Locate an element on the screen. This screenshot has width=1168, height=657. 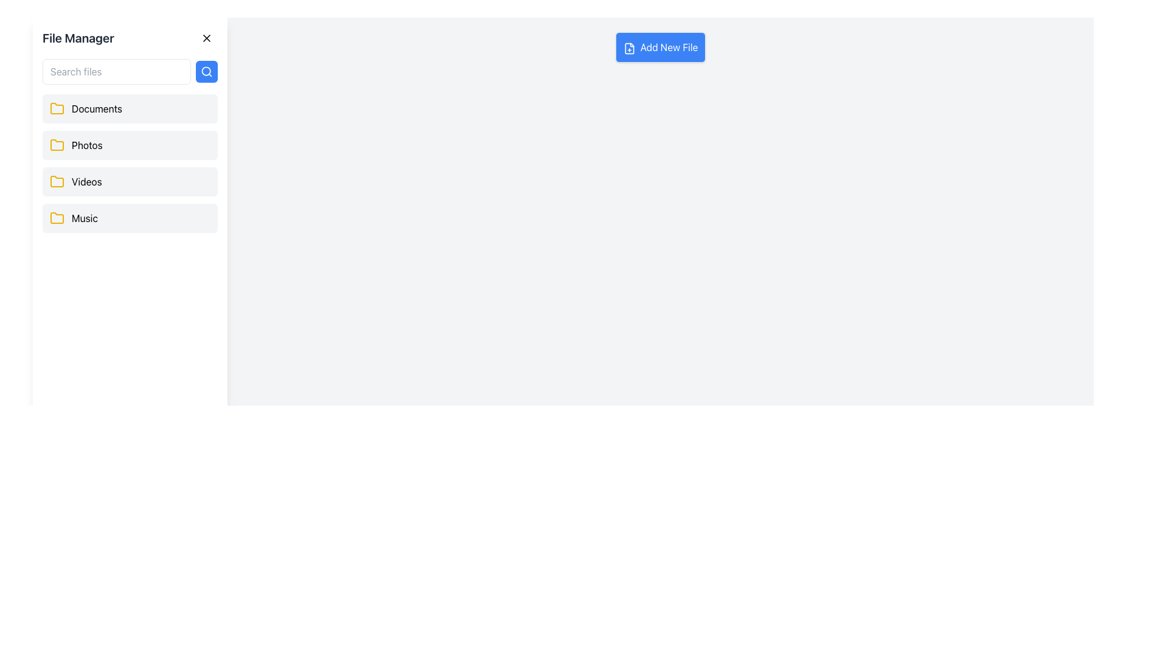
the magnifying glass icon located within the rounded blue button at the top-right corner of the sidebar is located at coordinates (207, 72).